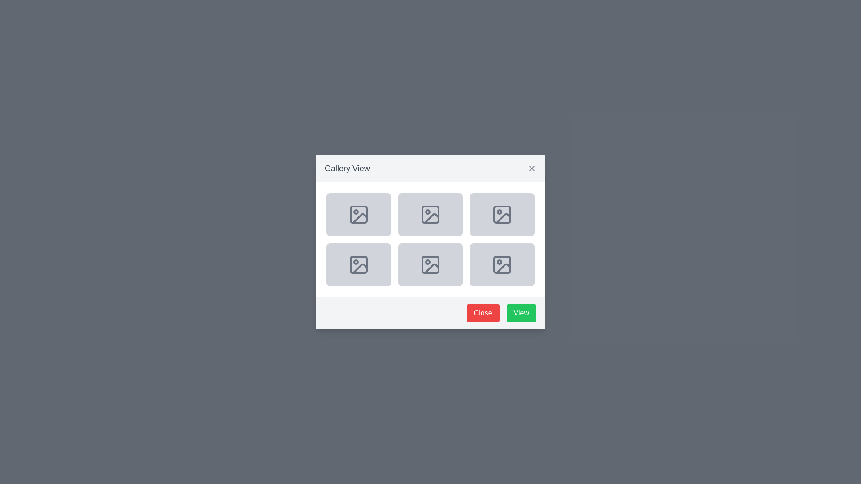 This screenshot has width=861, height=484. I want to click on the image placeholder icon located, so click(359, 264).